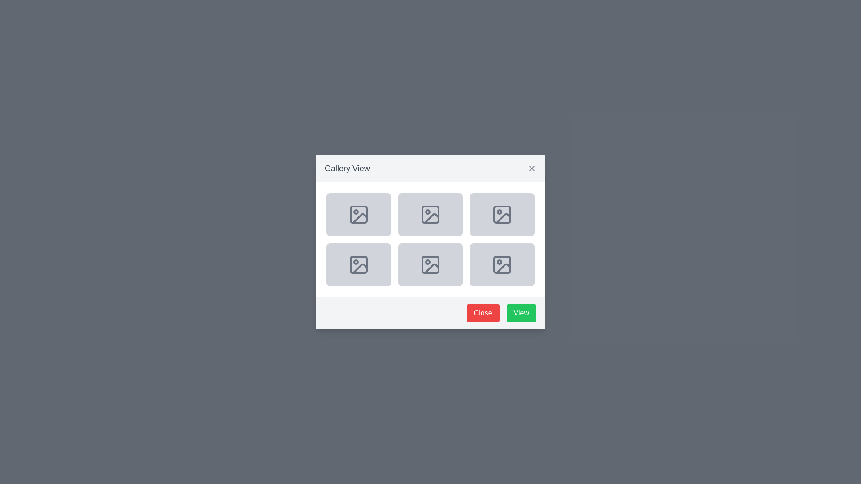 This screenshot has width=861, height=484. I want to click on the image placeholder icon located, so click(359, 264).